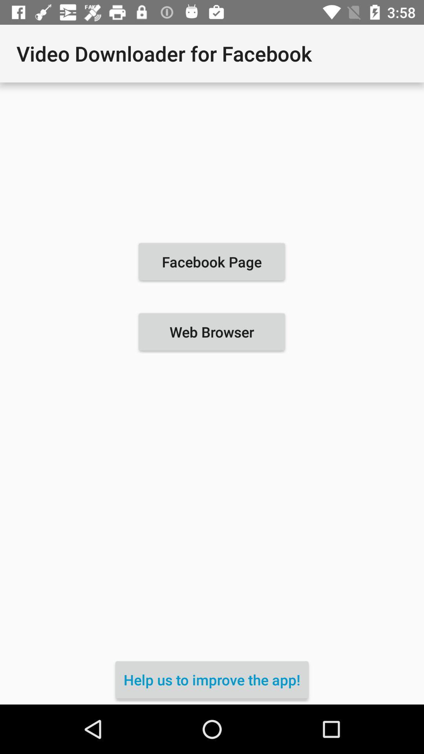 This screenshot has height=754, width=424. Describe the element at coordinates (211, 262) in the screenshot. I see `the facebook page icon` at that location.